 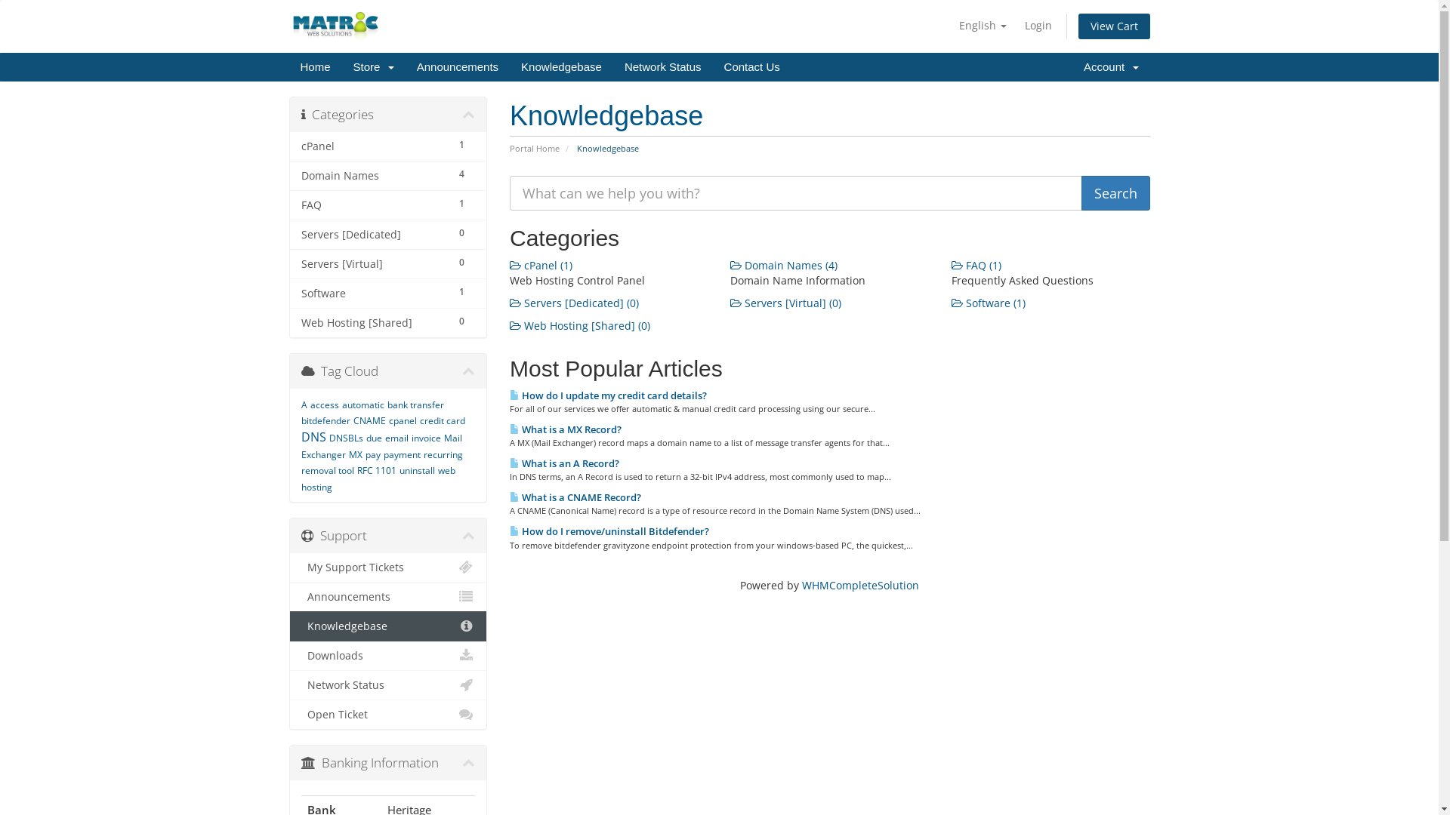 I want to click on '0, so click(x=388, y=321).